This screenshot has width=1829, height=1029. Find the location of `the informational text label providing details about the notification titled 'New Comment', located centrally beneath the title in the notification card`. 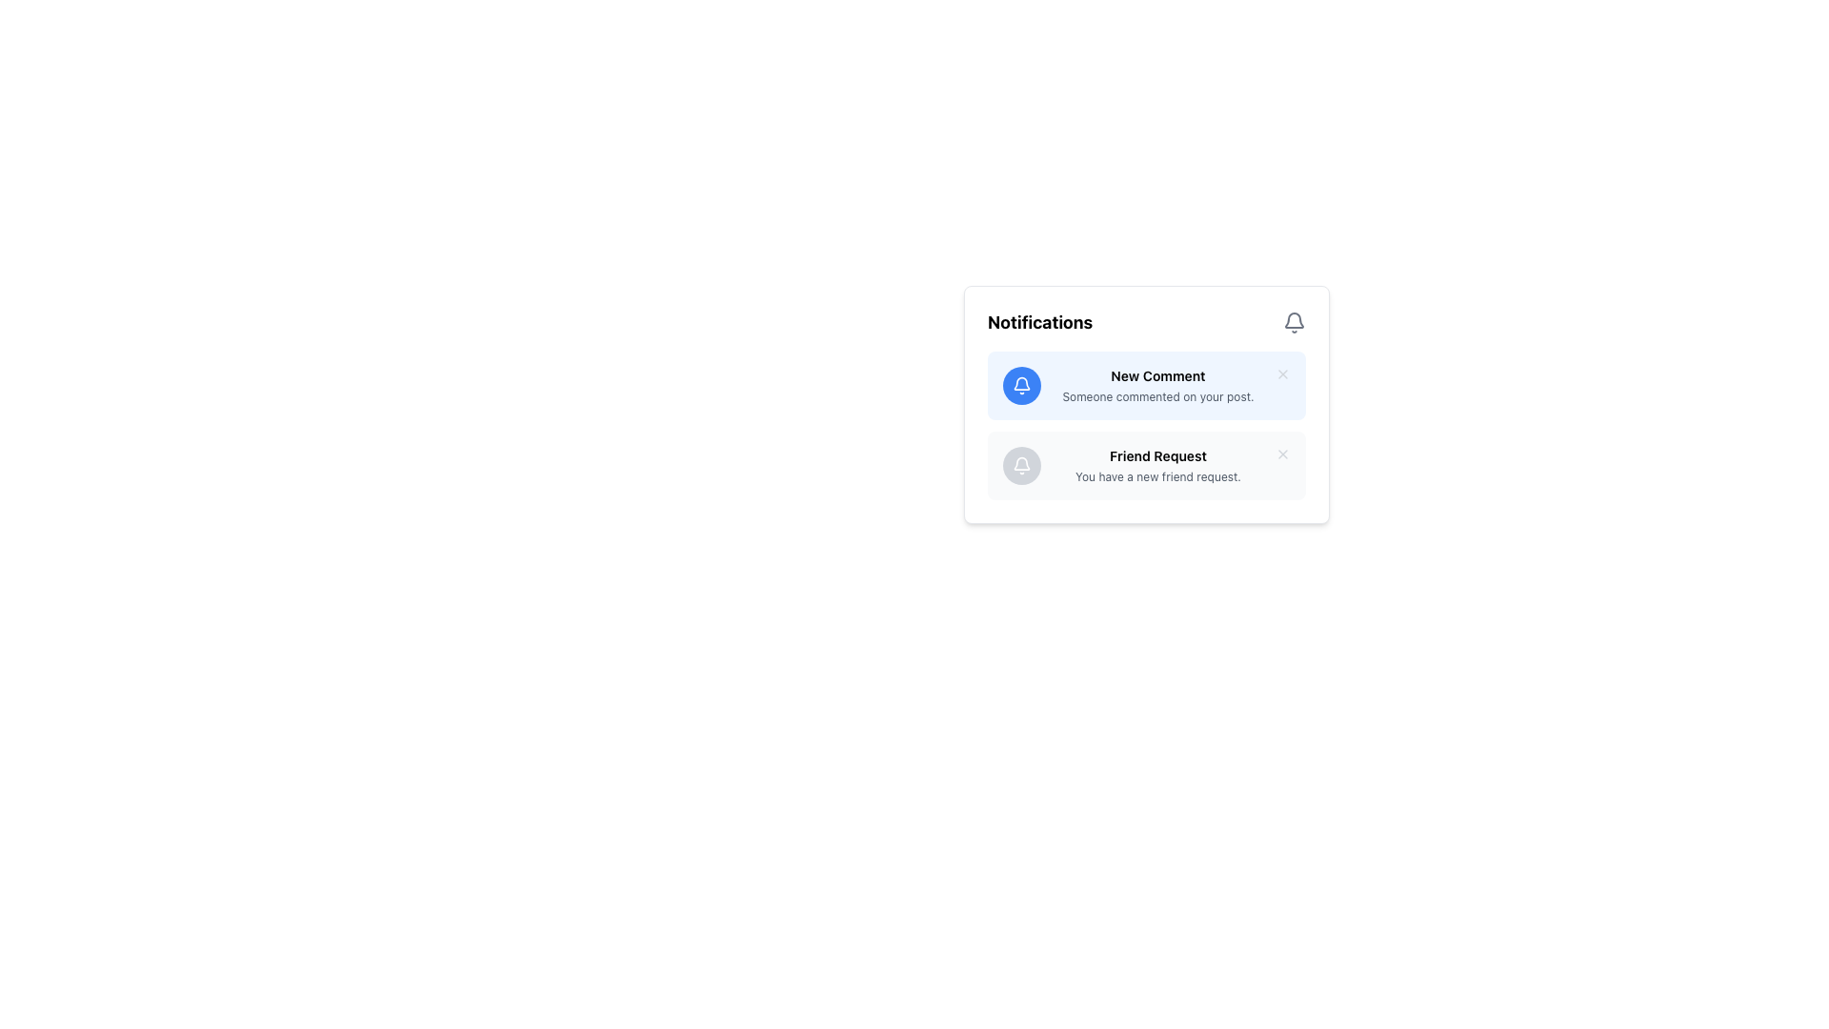

the informational text label providing details about the notification titled 'New Comment', located centrally beneath the title in the notification card is located at coordinates (1156, 395).